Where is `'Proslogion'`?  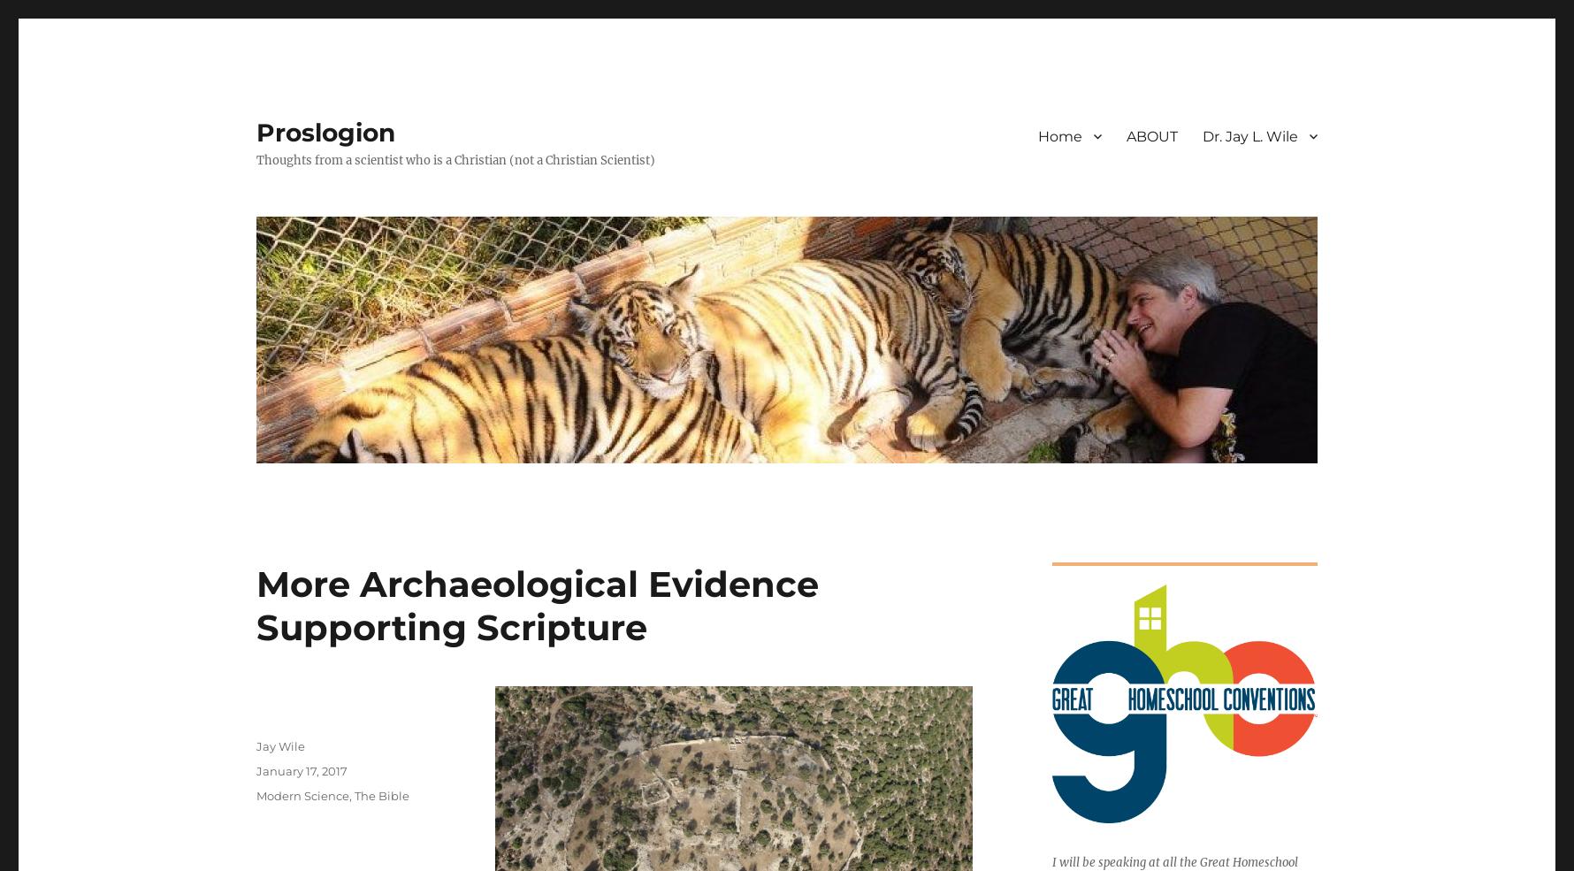
'Proslogion' is located at coordinates (255, 133).